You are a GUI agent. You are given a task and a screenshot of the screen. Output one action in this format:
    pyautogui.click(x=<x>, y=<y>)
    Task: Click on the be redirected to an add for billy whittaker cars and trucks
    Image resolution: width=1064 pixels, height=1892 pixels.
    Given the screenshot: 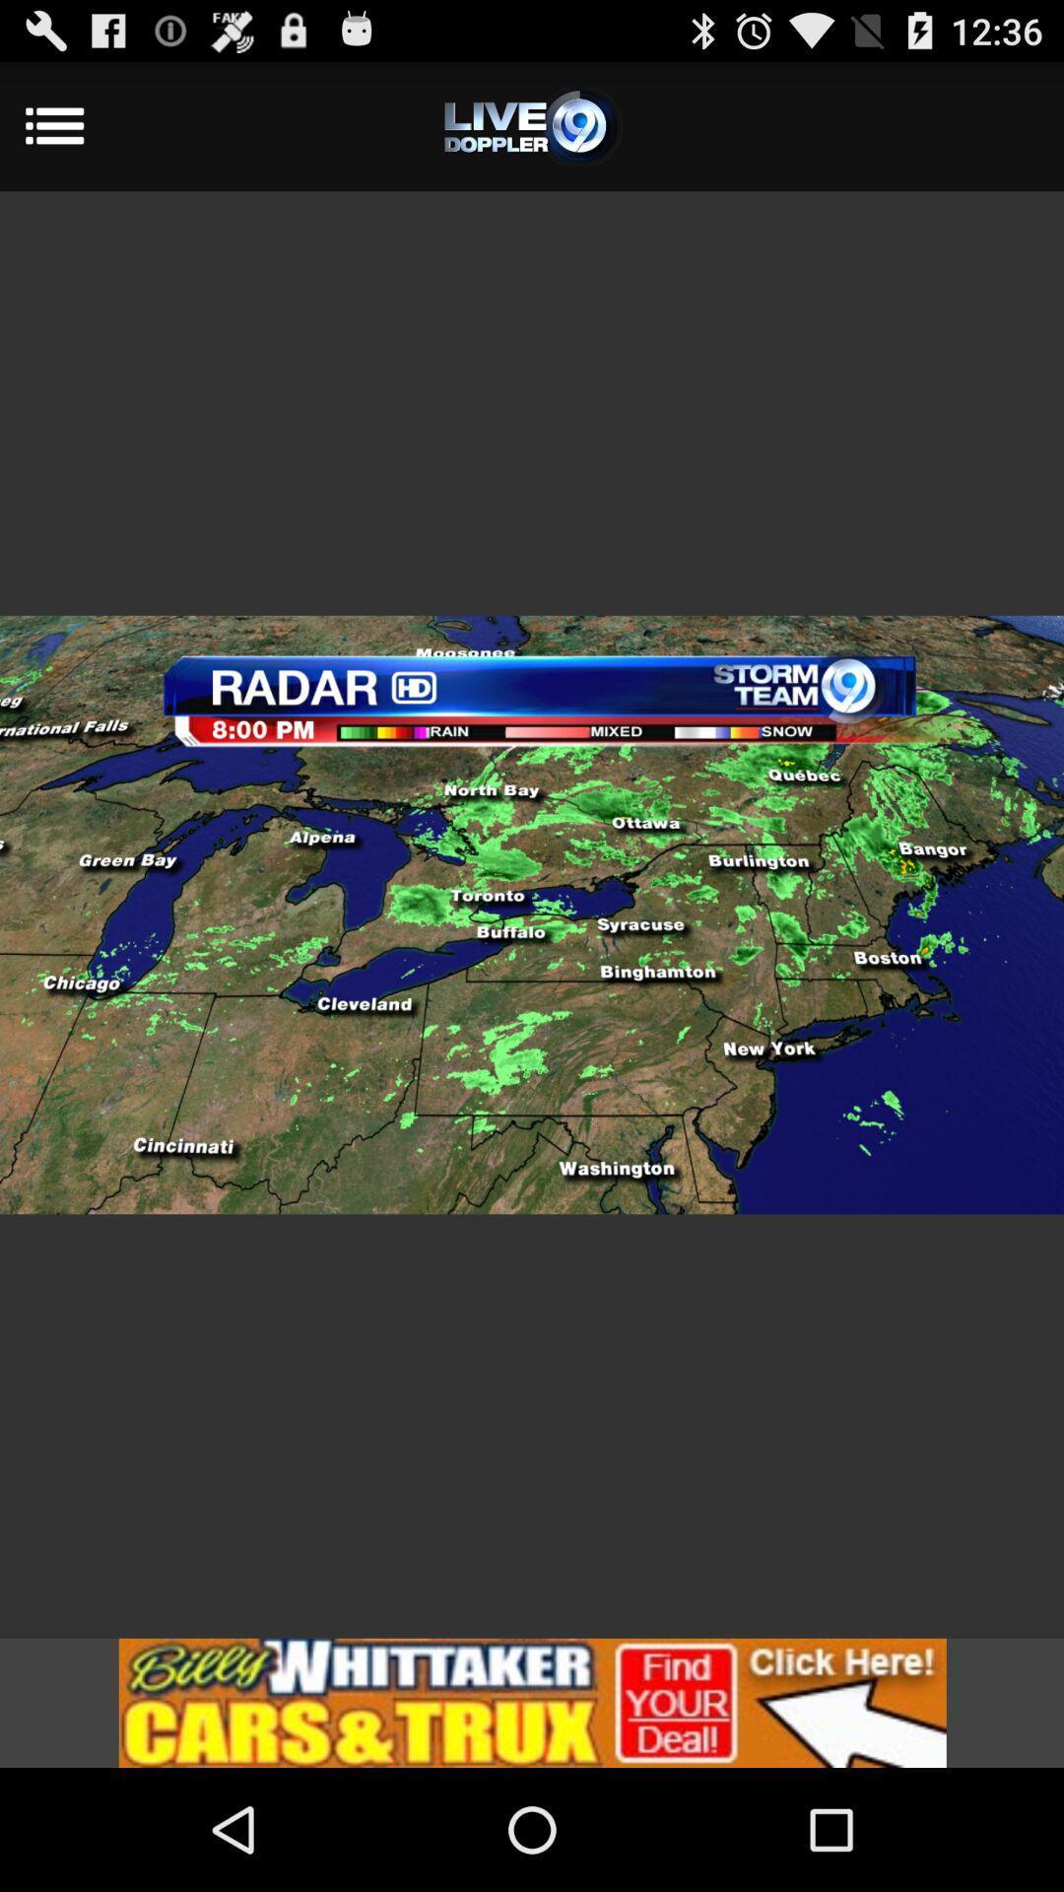 What is the action you would take?
    pyautogui.click(x=532, y=1702)
    